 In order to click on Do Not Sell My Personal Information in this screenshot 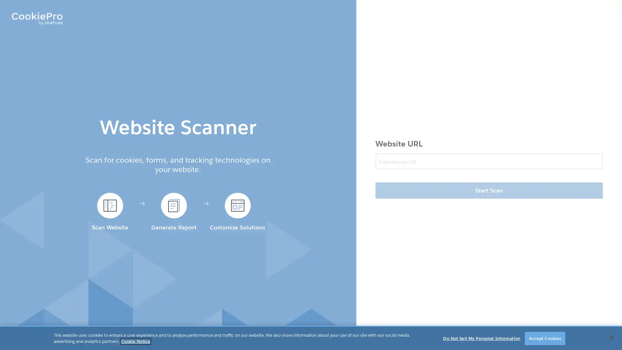, I will do `click(482, 338)`.